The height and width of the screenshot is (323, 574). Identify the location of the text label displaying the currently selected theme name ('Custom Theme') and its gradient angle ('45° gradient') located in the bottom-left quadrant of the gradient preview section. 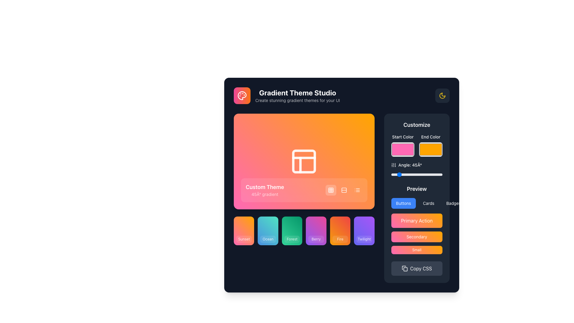
(265, 190).